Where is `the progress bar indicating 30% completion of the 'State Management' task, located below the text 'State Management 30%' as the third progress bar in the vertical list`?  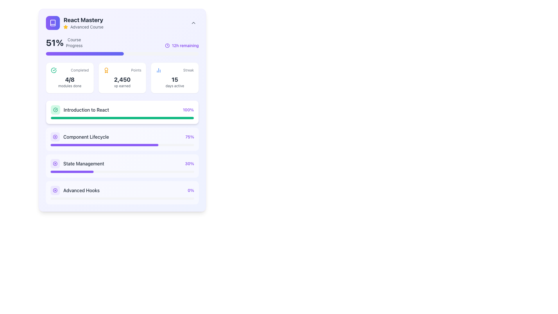 the progress bar indicating 30% completion of the 'State Management' task, located below the text 'State Management 30%' as the third progress bar in the vertical list is located at coordinates (122, 171).